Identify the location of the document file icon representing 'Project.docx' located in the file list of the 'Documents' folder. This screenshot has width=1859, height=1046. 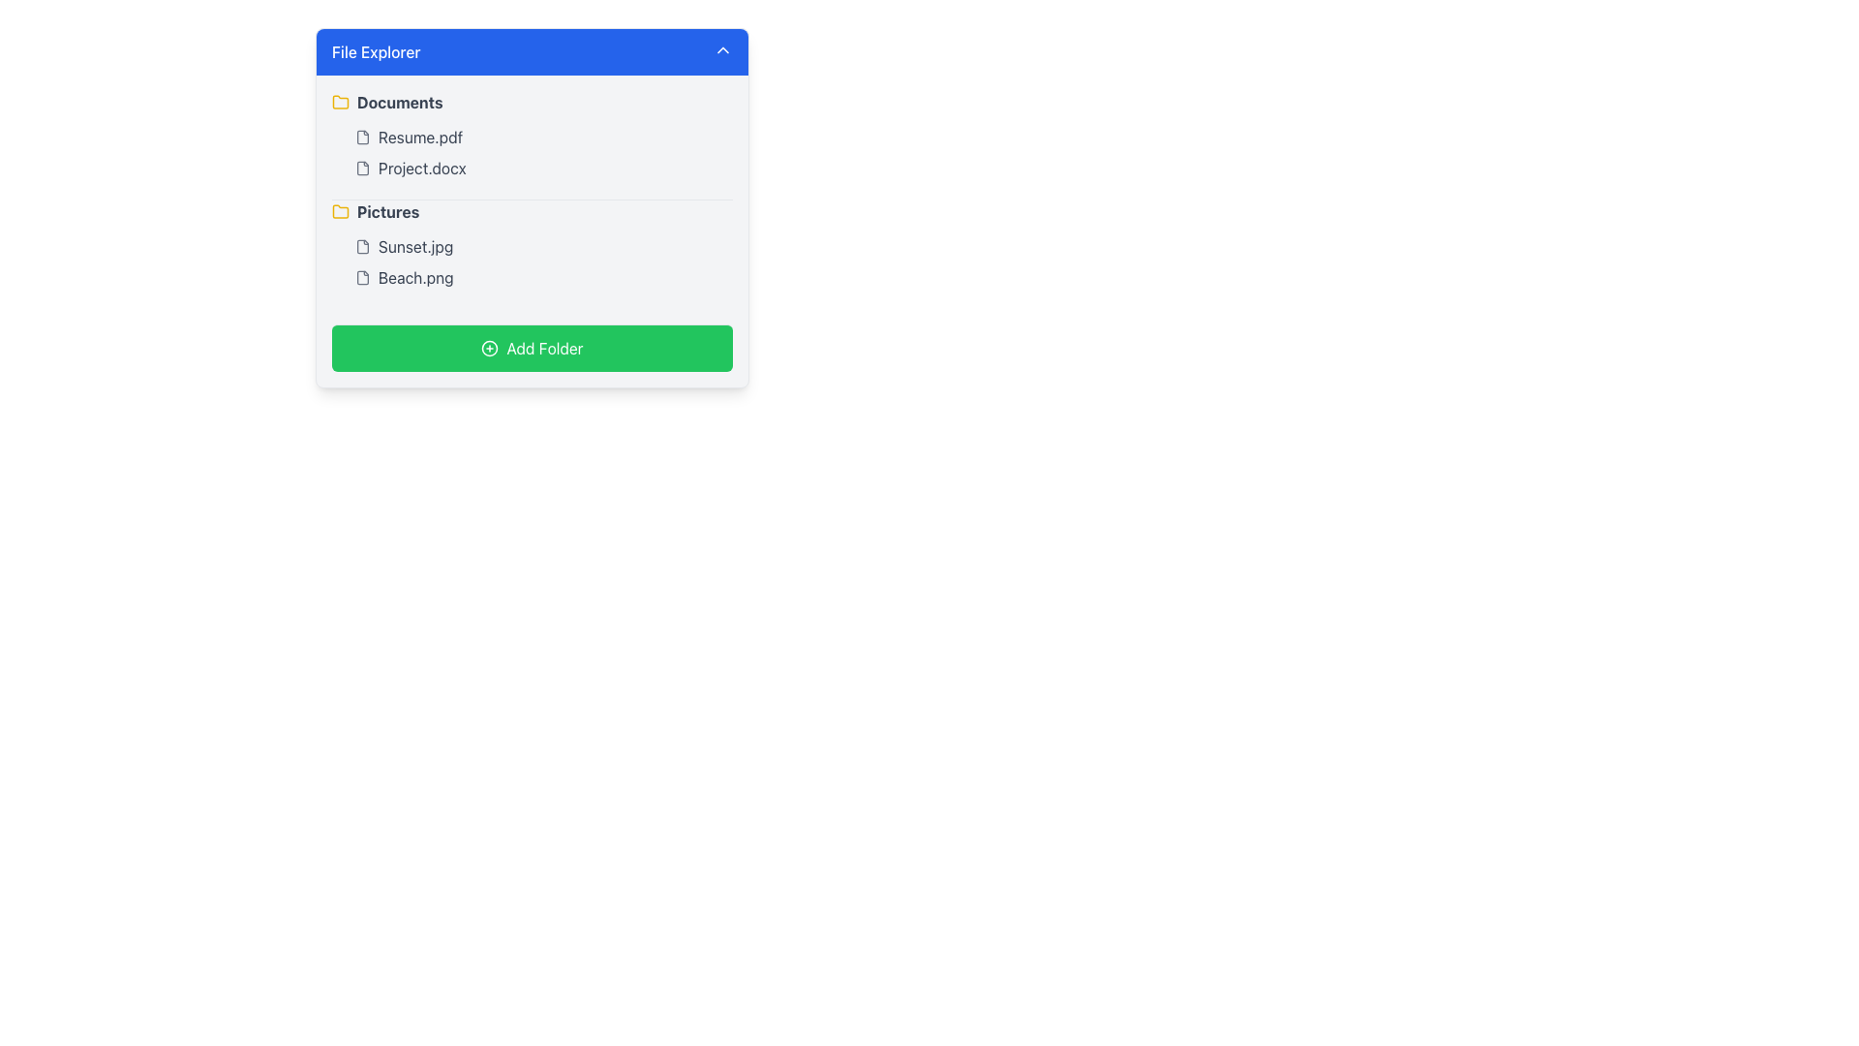
(362, 167).